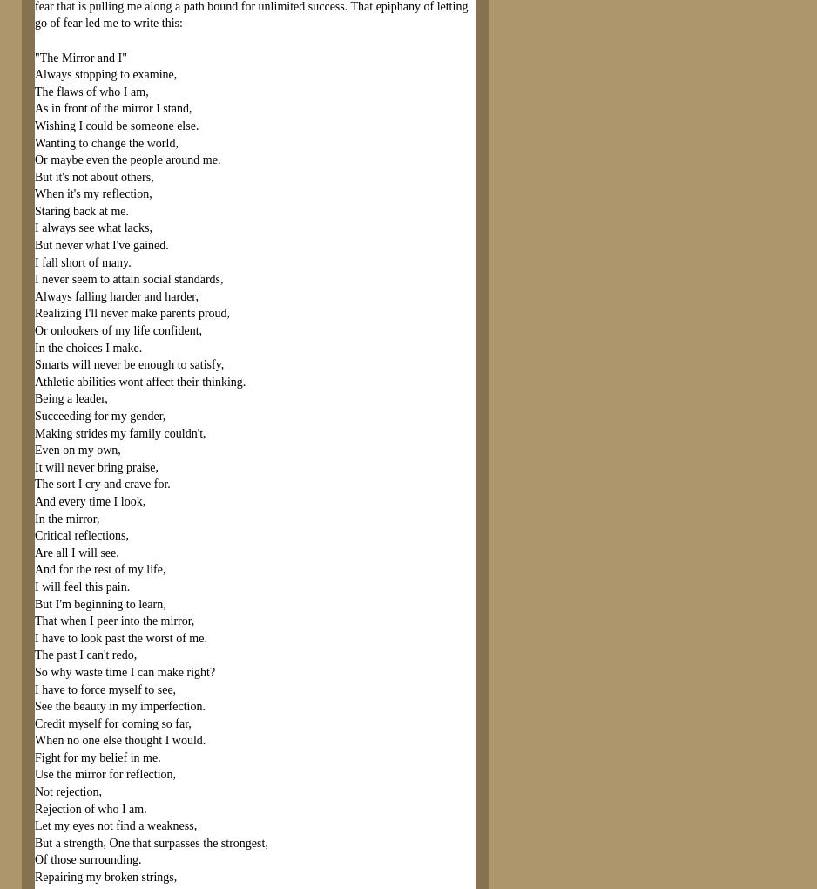 This screenshot has width=817, height=889. Describe the element at coordinates (105, 688) in the screenshot. I see `'I have to force myself to see,'` at that location.